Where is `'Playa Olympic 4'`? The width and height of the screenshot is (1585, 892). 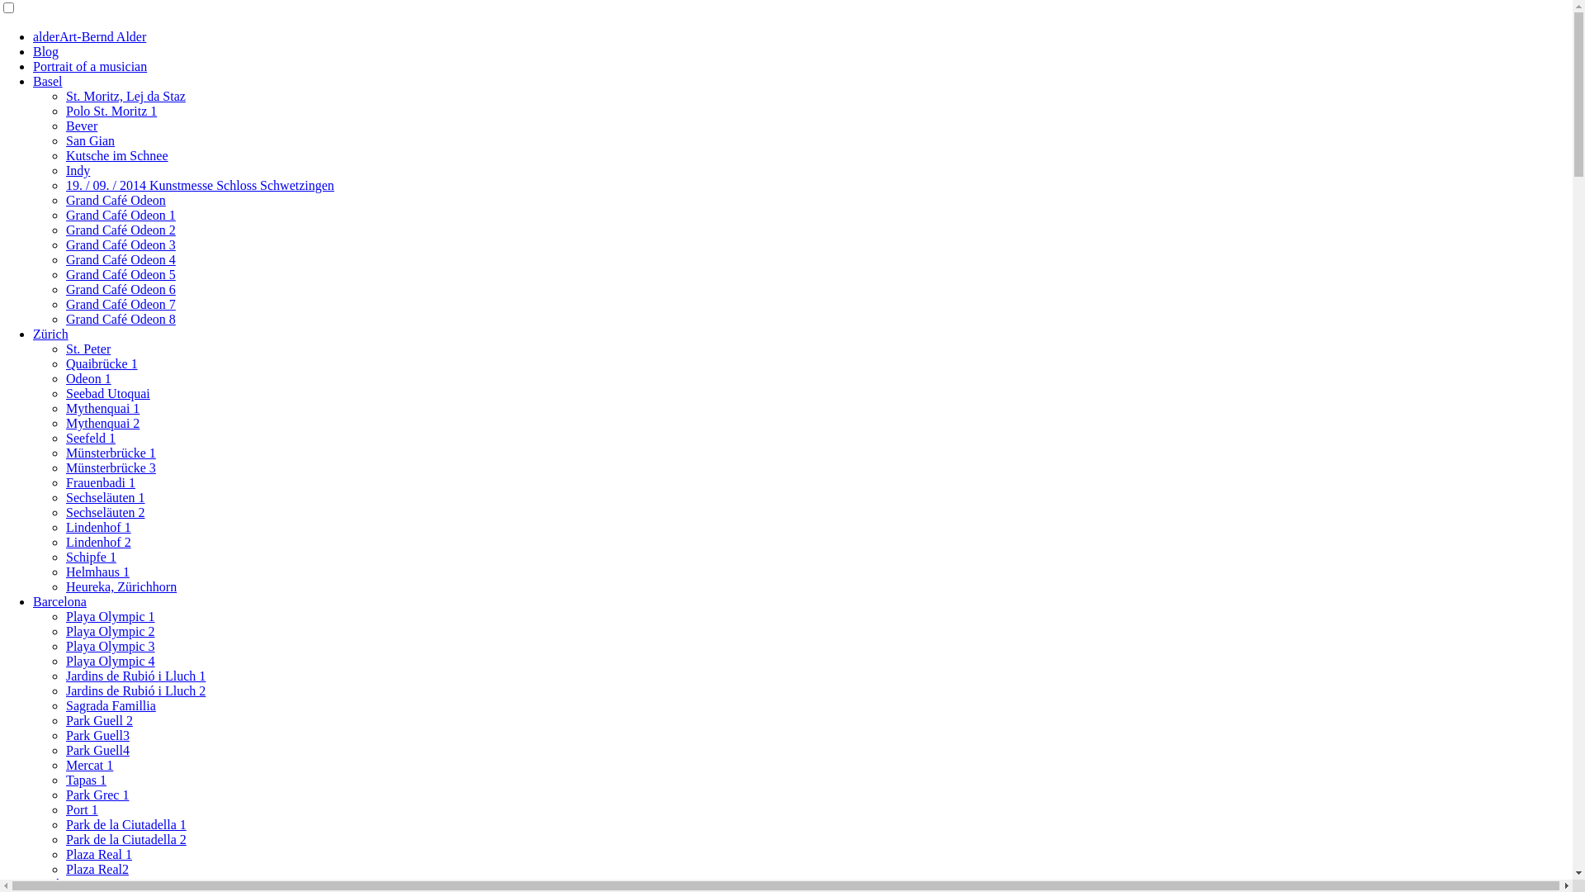
'Playa Olympic 4' is located at coordinates (110, 660).